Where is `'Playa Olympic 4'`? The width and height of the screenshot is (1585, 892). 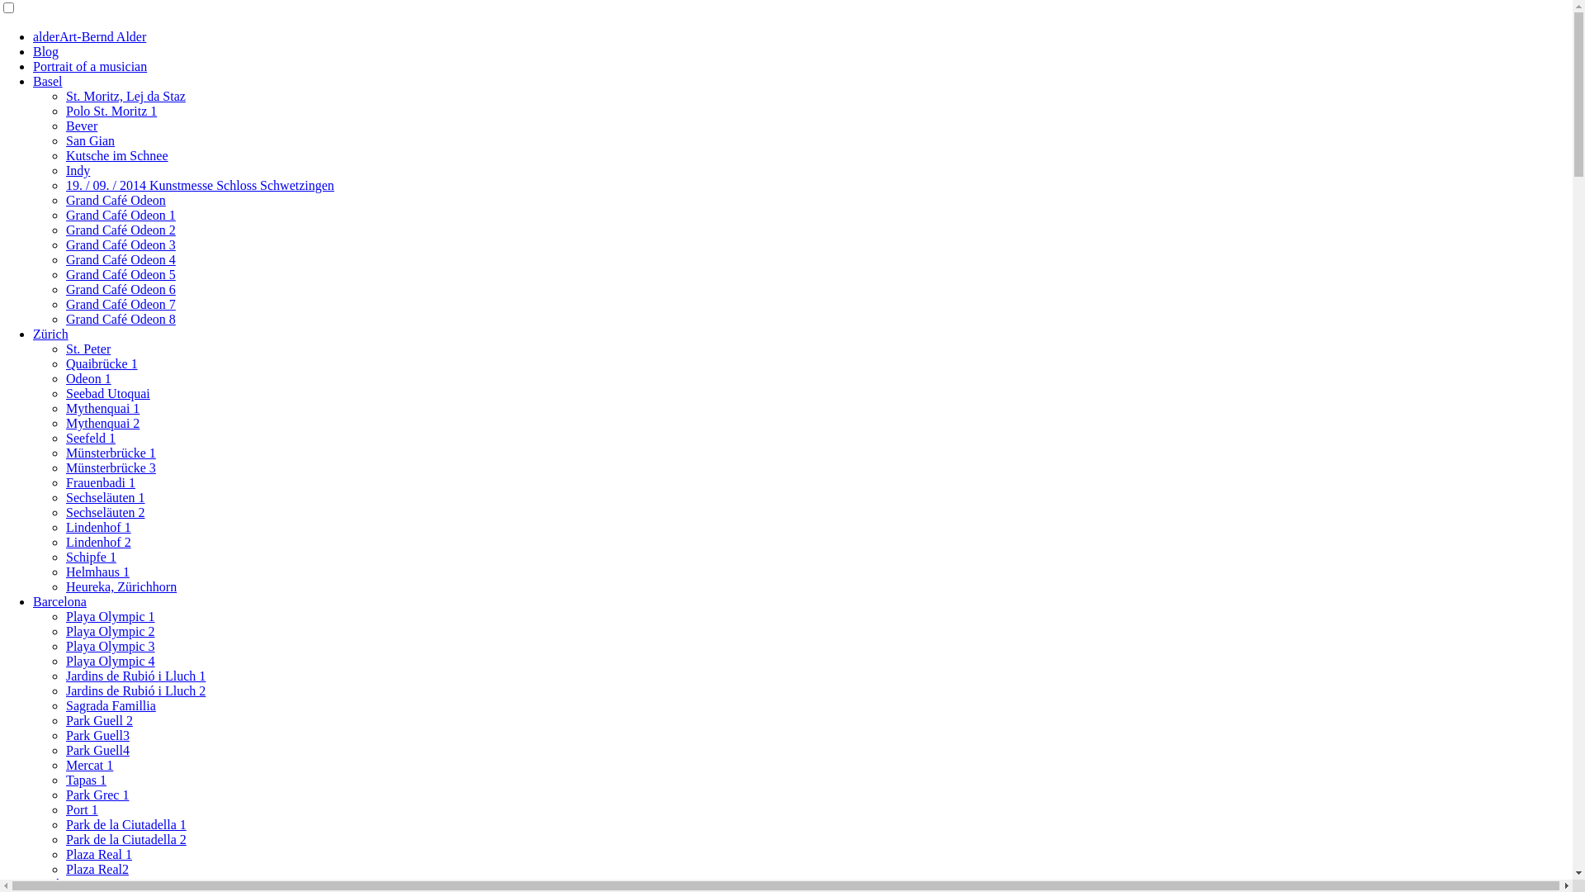
'Playa Olympic 4' is located at coordinates (110, 660).